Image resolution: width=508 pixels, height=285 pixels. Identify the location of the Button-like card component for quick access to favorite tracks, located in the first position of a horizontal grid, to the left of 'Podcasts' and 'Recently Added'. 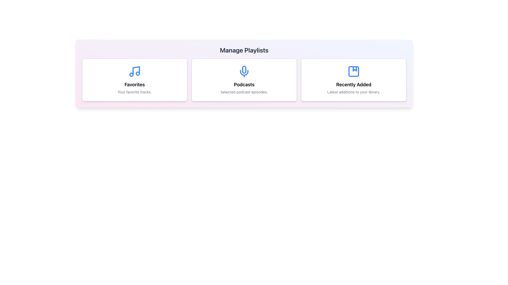
(134, 80).